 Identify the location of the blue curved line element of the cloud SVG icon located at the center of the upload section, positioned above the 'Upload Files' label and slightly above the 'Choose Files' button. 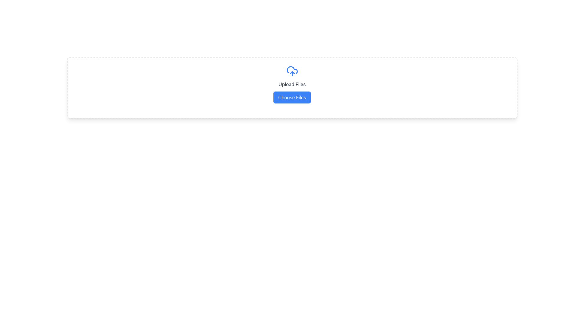
(292, 70).